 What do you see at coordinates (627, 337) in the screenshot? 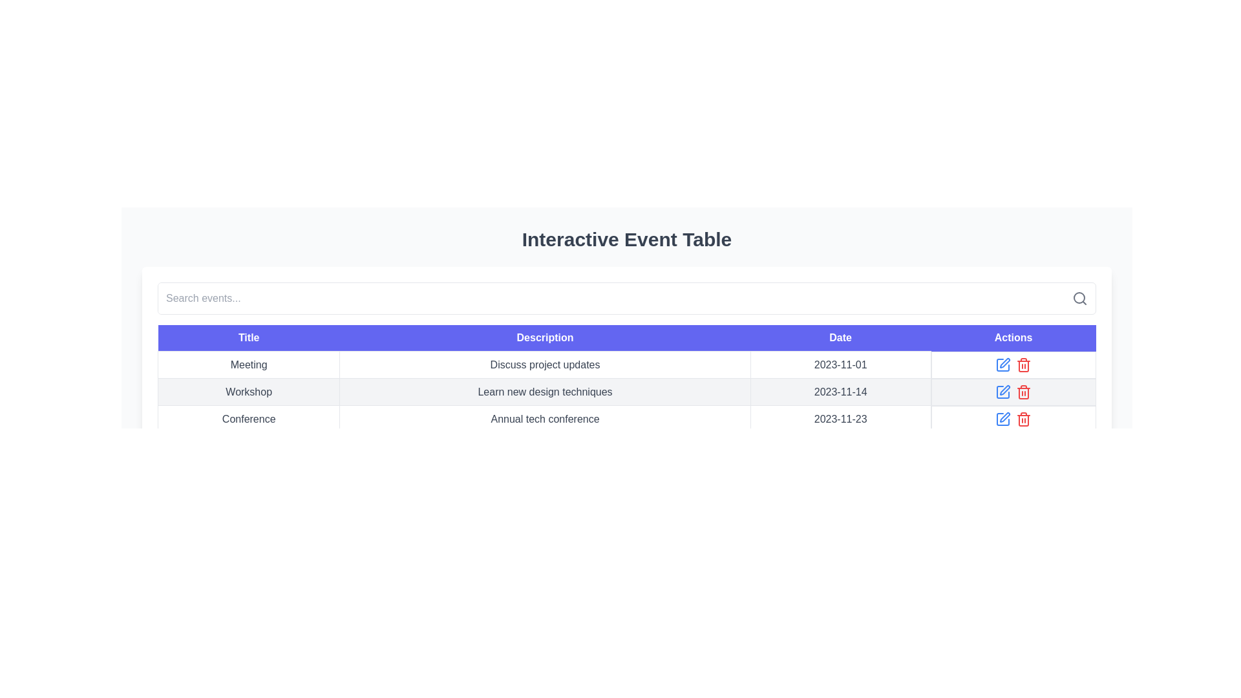
I see `the table header row to focus on it for keyboard navigation` at bounding box center [627, 337].